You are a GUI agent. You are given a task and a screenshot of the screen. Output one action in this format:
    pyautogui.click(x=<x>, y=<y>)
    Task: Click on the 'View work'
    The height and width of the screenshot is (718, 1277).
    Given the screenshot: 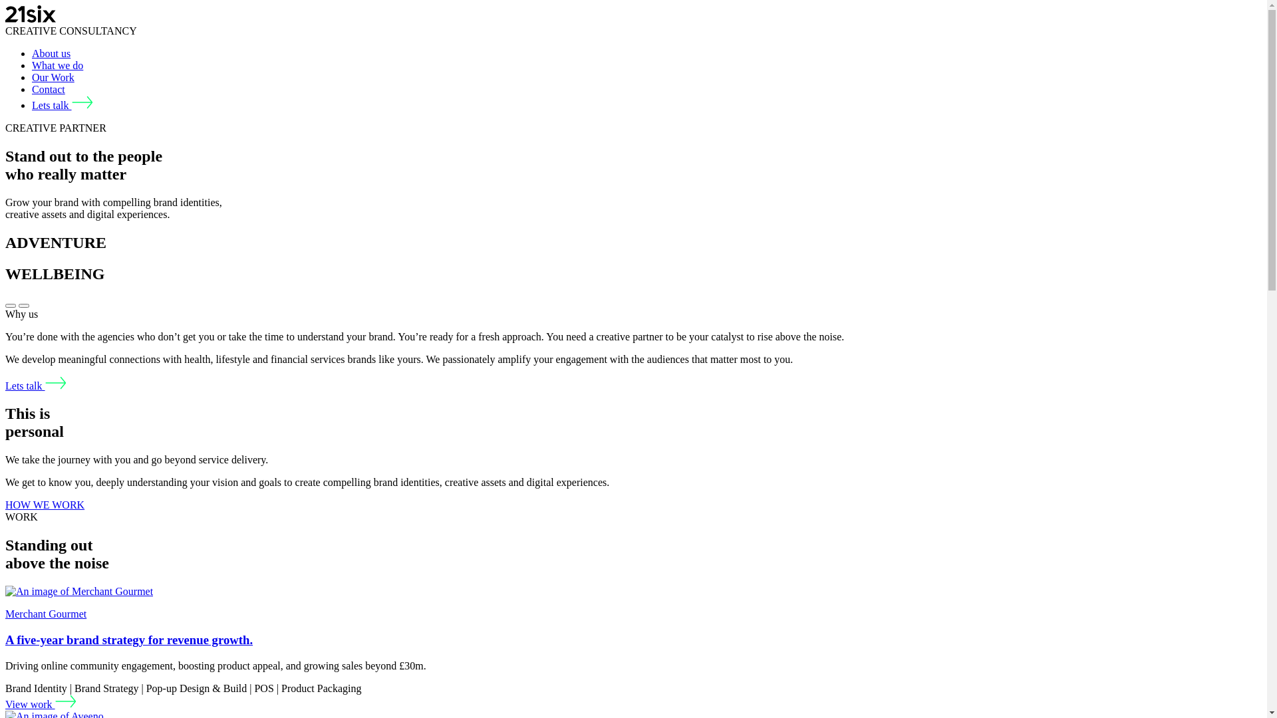 What is the action you would take?
    pyautogui.click(x=41, y=703)
    